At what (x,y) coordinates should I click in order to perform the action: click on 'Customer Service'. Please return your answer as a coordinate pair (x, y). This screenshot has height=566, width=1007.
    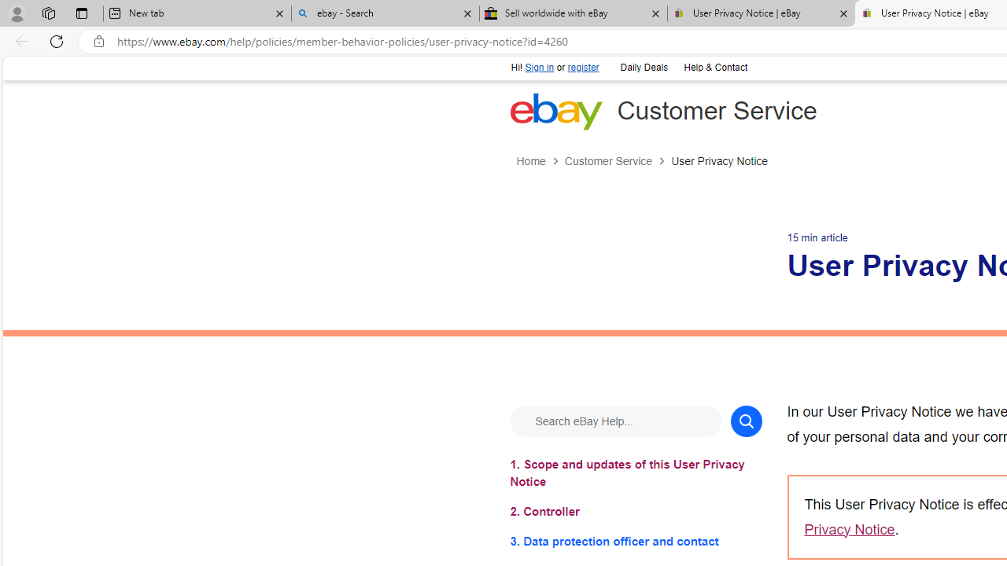
    Looking at the image, I should click on (607, 161).